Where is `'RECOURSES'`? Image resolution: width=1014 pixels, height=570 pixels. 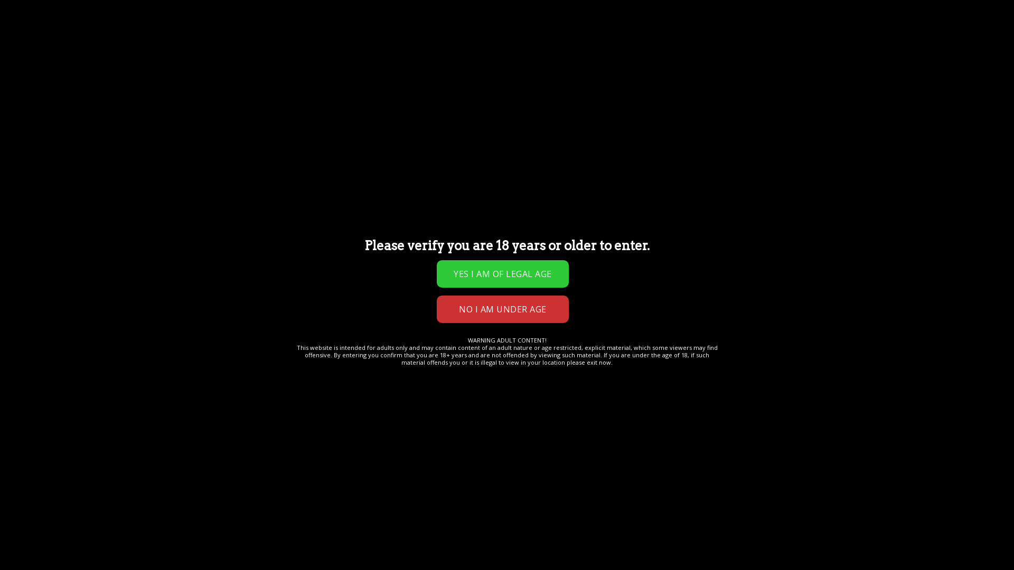
'RECOURSES' is located at coordinates (329, 79).